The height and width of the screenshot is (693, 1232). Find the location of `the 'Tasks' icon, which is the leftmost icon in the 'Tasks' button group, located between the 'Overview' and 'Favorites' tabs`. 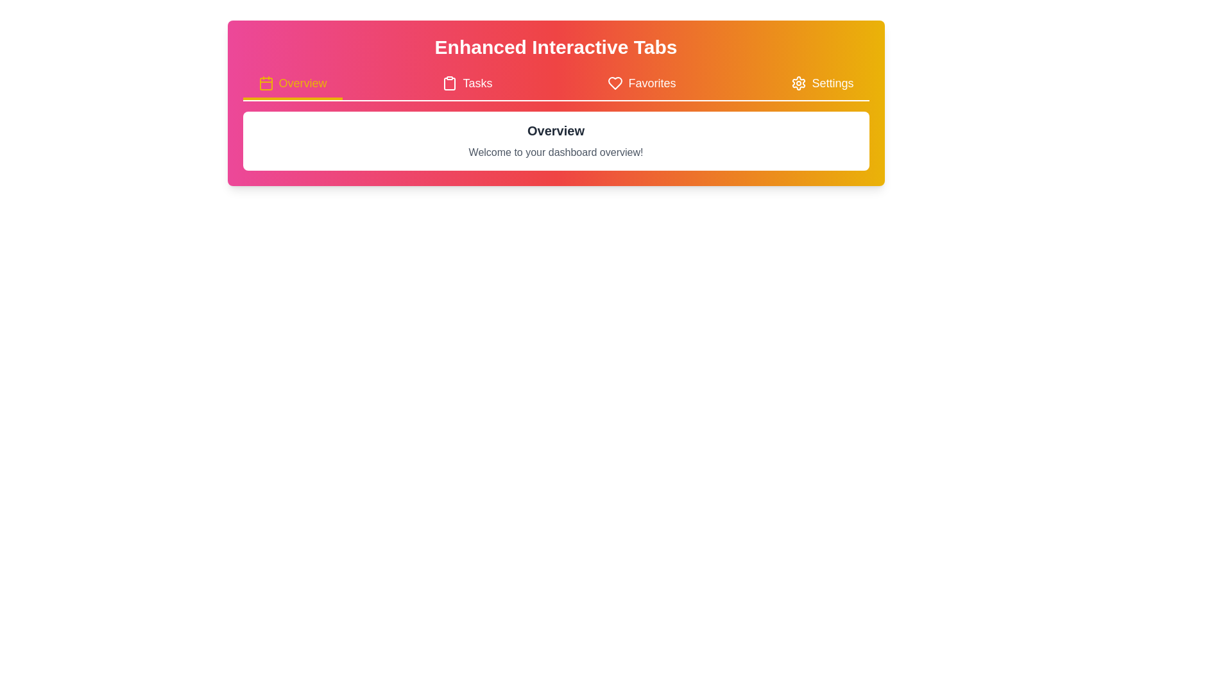

the 'Tasks' icon, which is the leftmost icon in the 'Tasks' button group, located between the 'Overview' and 'Favorites' tabs is located at coordinates (450, 83).